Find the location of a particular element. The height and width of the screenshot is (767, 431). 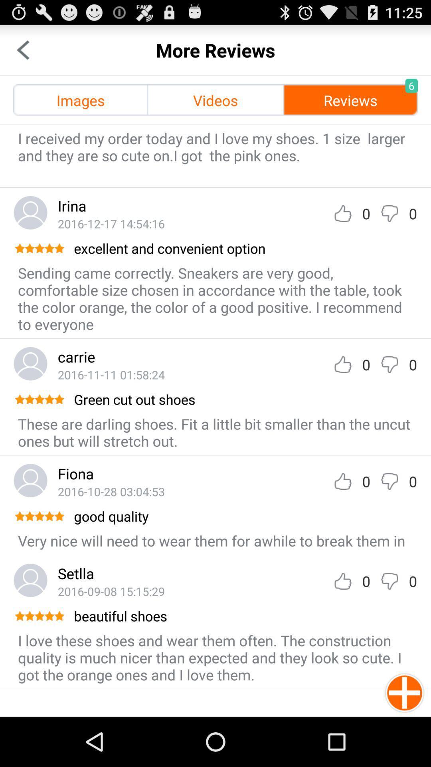

2016 10 28 item is located at coordinates (111, 491).